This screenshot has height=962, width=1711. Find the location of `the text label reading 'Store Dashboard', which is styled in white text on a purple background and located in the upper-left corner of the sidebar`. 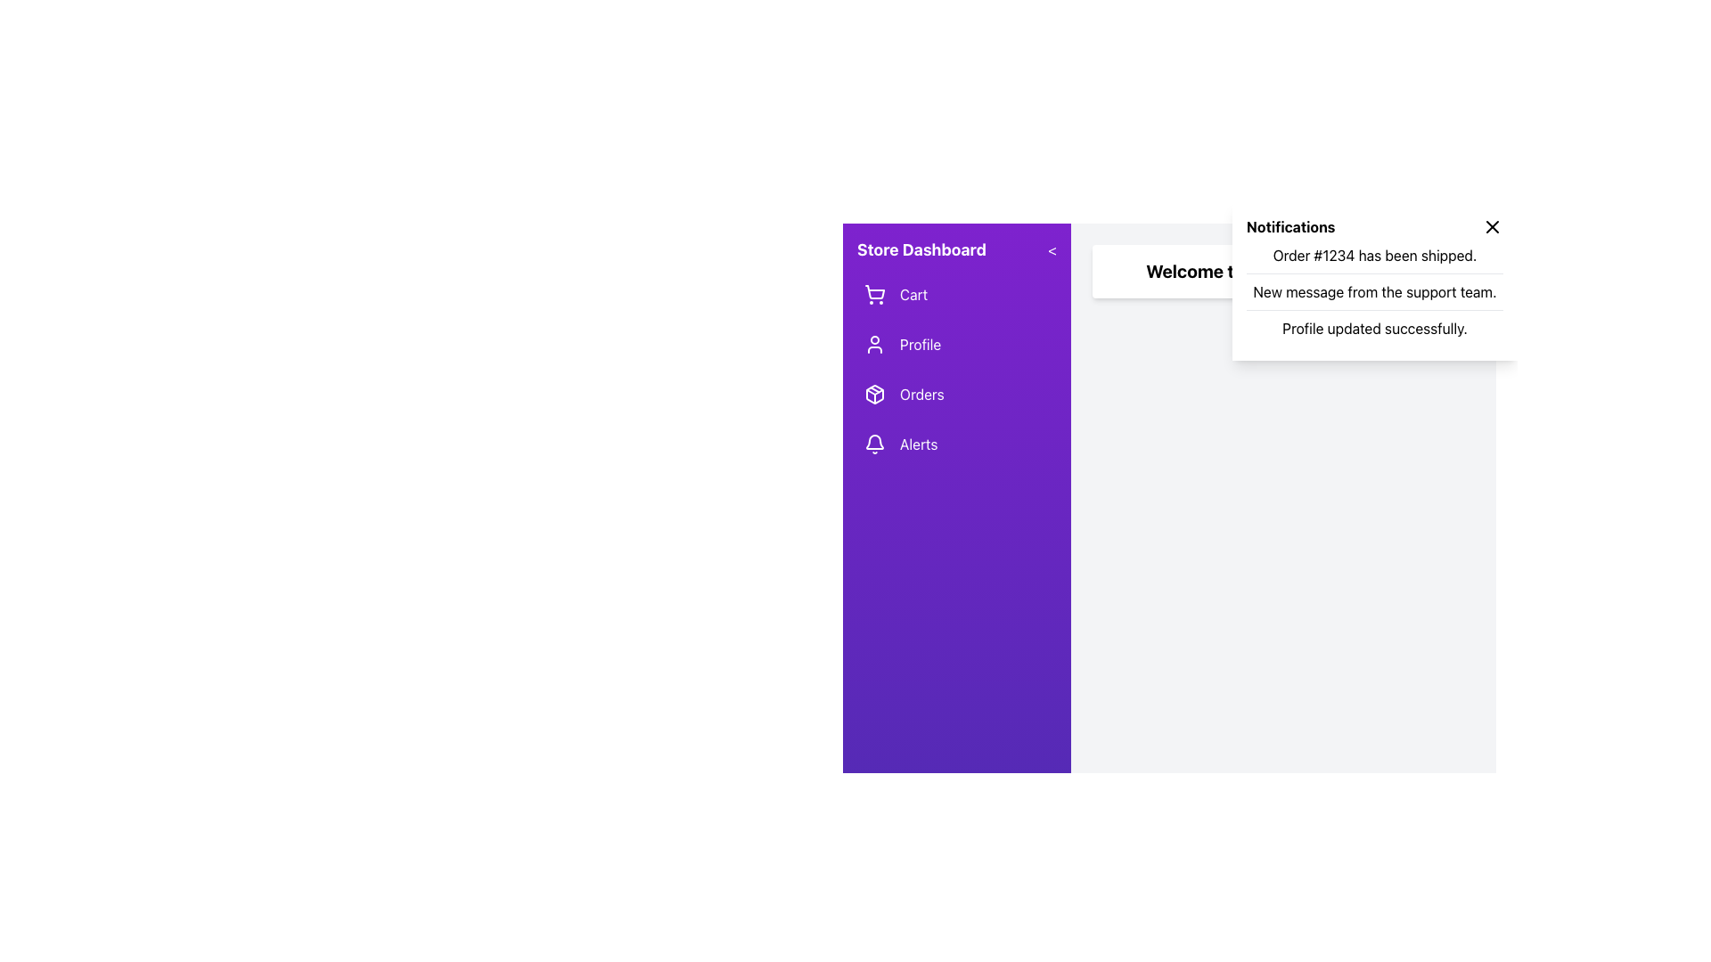

the text label reading 'Store Dashboard', which is styled in white text on a purple background and located in the upper-left corner of the sidebar is located at coordinates (921, 250).